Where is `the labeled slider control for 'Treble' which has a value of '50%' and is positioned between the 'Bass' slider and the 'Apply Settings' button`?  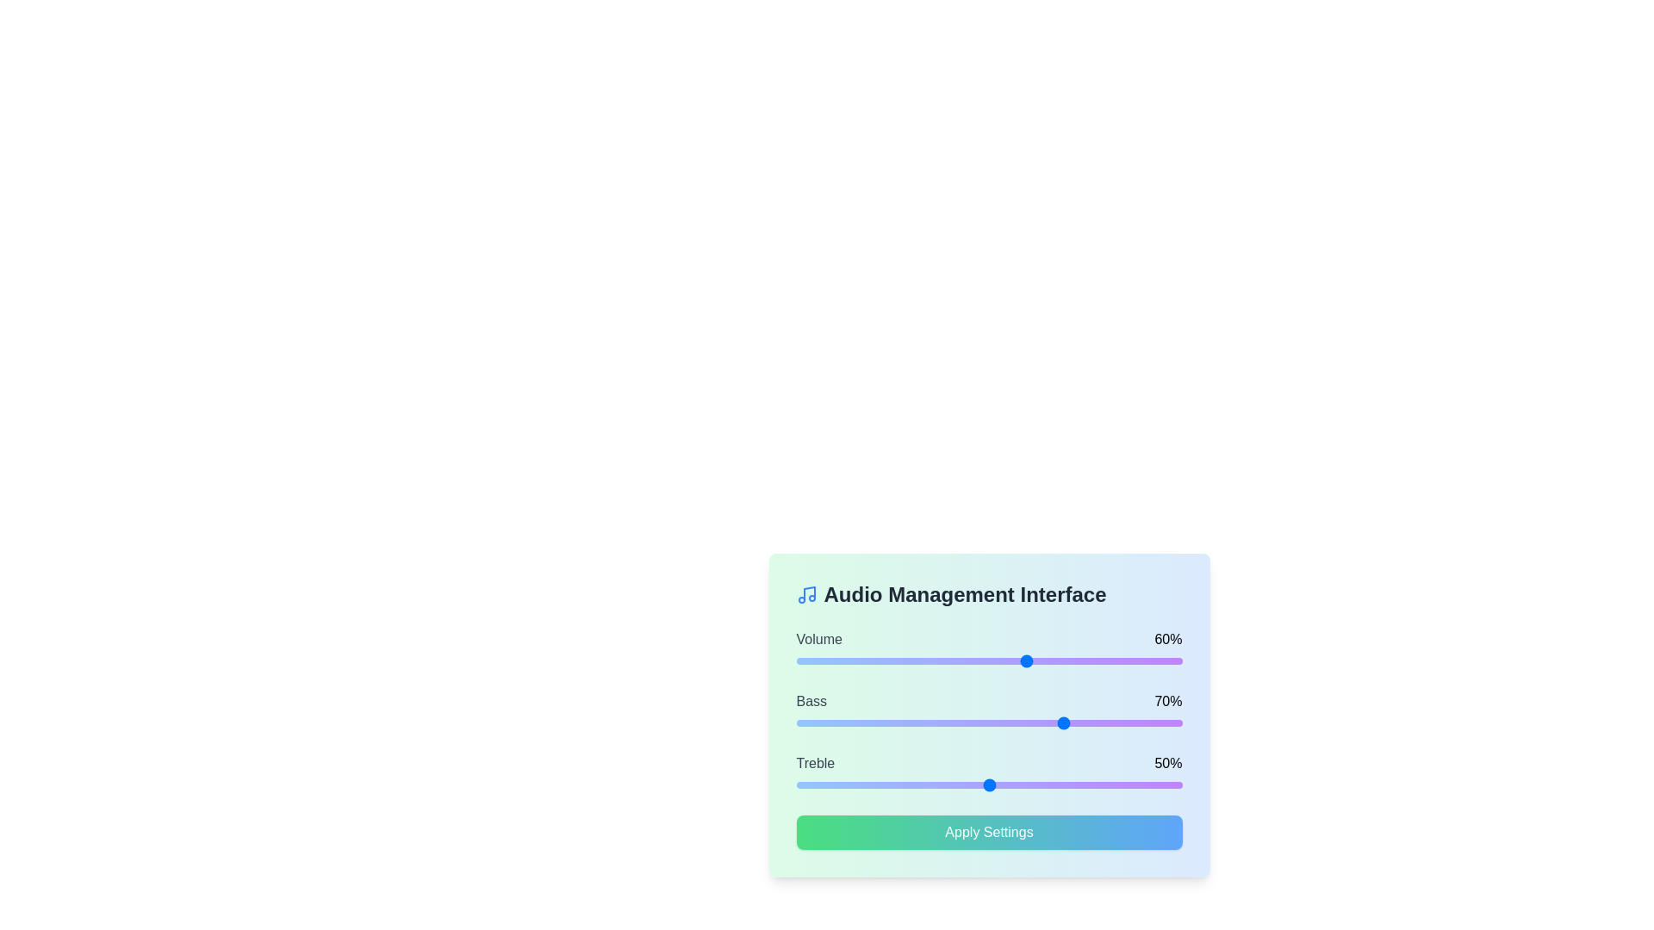 the labeled slider control for 'Treble' which has a value of '50%' and is positioned between the 'Bass' slider and the 'Apply Settings' button is located at coordinates (989, 772).